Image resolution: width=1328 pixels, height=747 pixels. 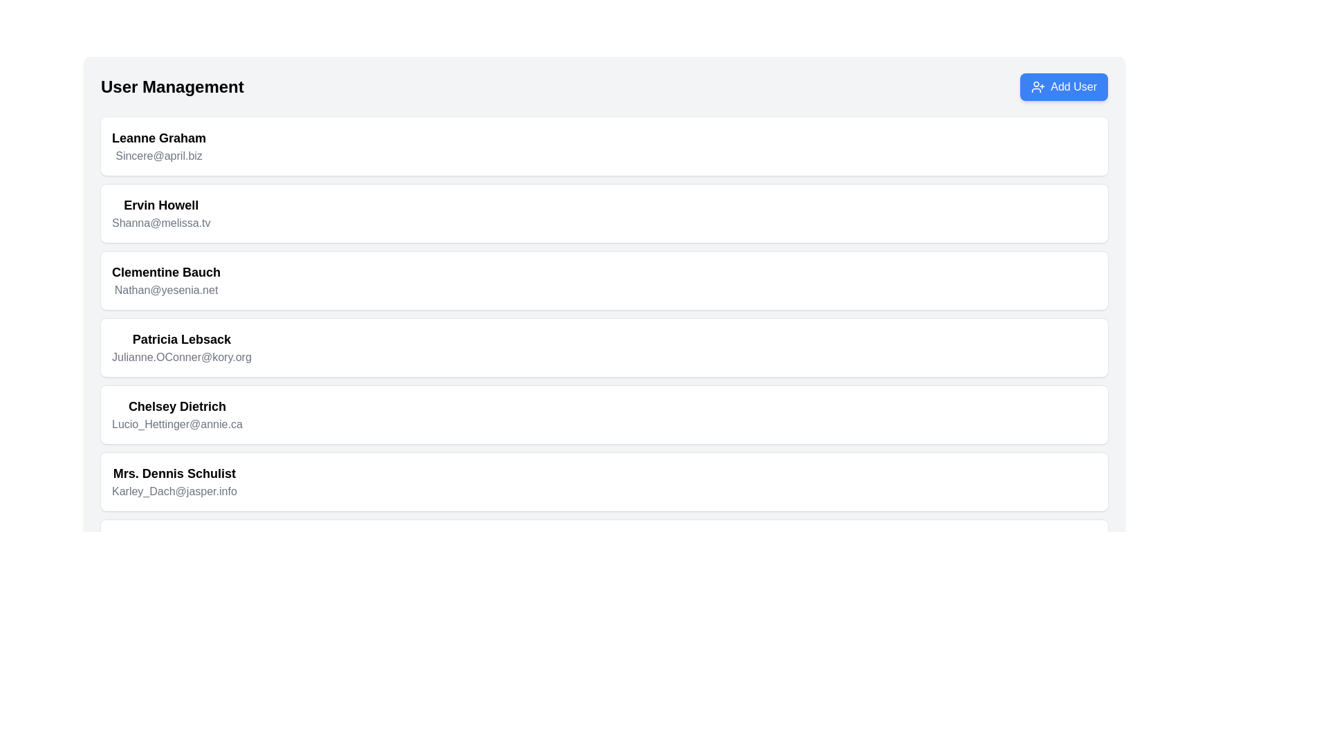 What do you see at coordinates (161, 223) in the screenshot?
I see `email address displayed in the text label below the name 'Ervin Howell' in the user card` at bounding box center [161, 223].